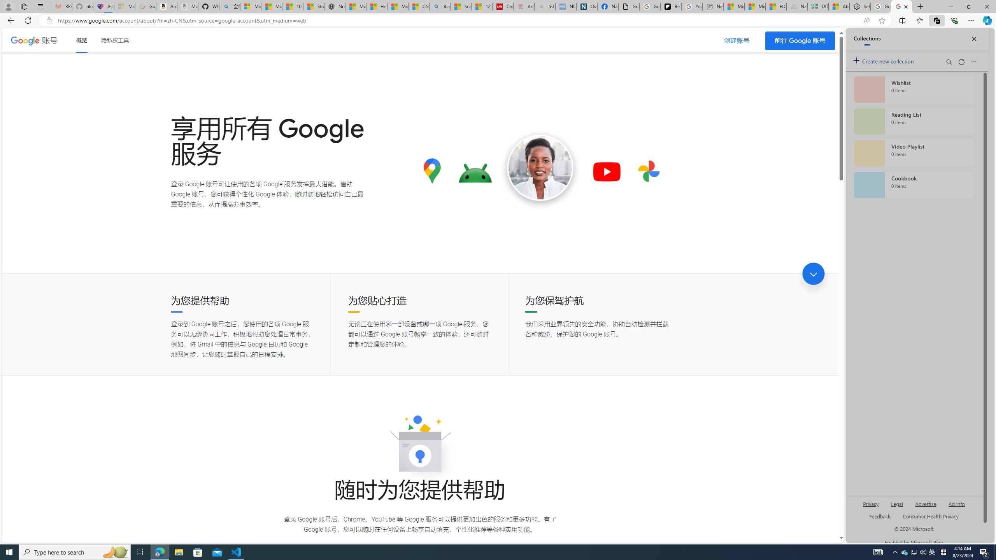 This screenshot has width=996, height=560. Describe the element at coordinates (817, 6) in the screenshot. I see `'DITOGAMES AG Imprint'` at that location.